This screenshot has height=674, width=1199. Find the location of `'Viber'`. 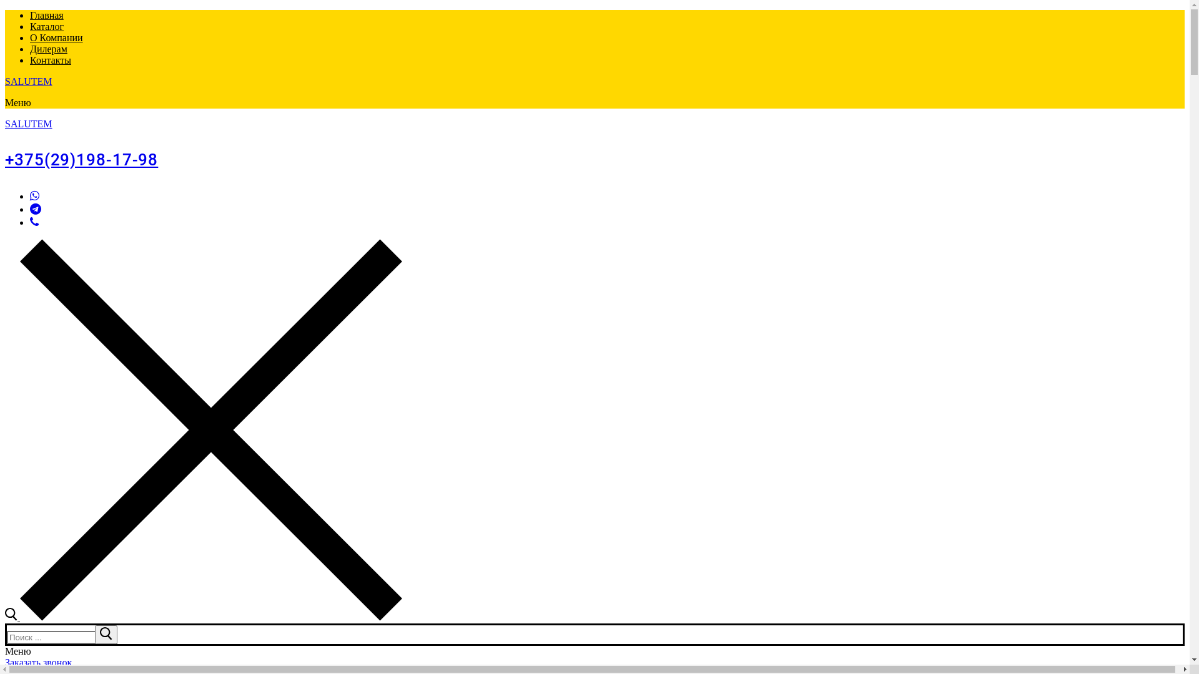

'Viber' is located at coordinates (34, 221).